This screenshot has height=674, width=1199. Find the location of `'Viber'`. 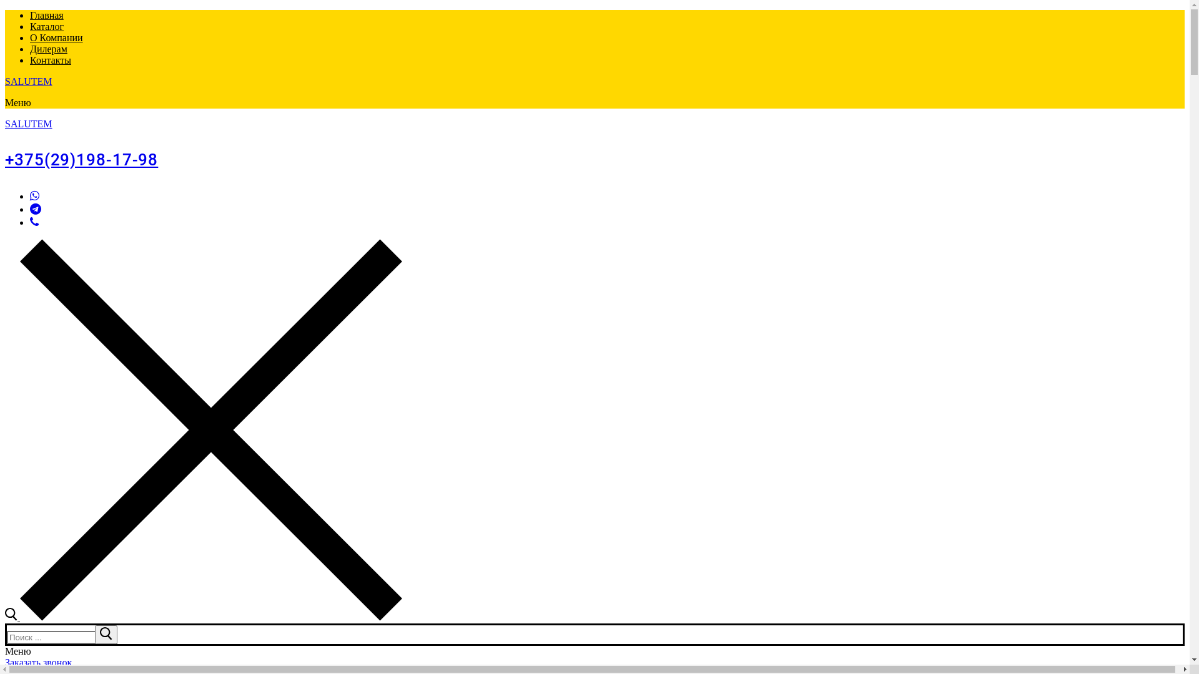

'Viber' is located at coordinates (34, 221).